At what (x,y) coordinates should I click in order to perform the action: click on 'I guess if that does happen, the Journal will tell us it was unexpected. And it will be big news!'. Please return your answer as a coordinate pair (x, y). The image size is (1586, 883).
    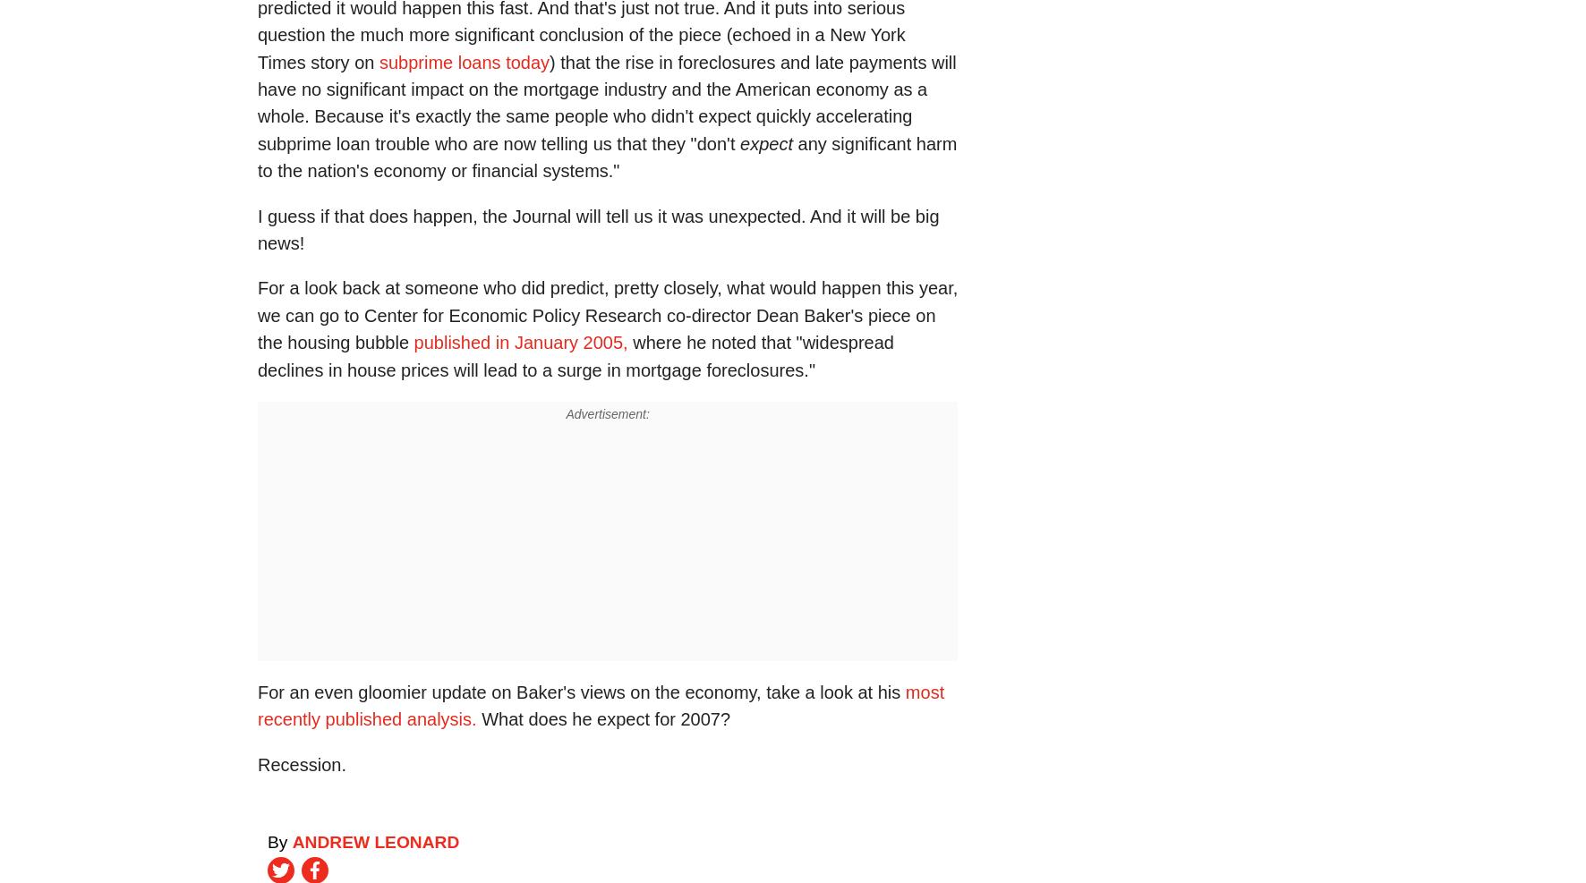
    Looking at the image, I should click on (597, 229).